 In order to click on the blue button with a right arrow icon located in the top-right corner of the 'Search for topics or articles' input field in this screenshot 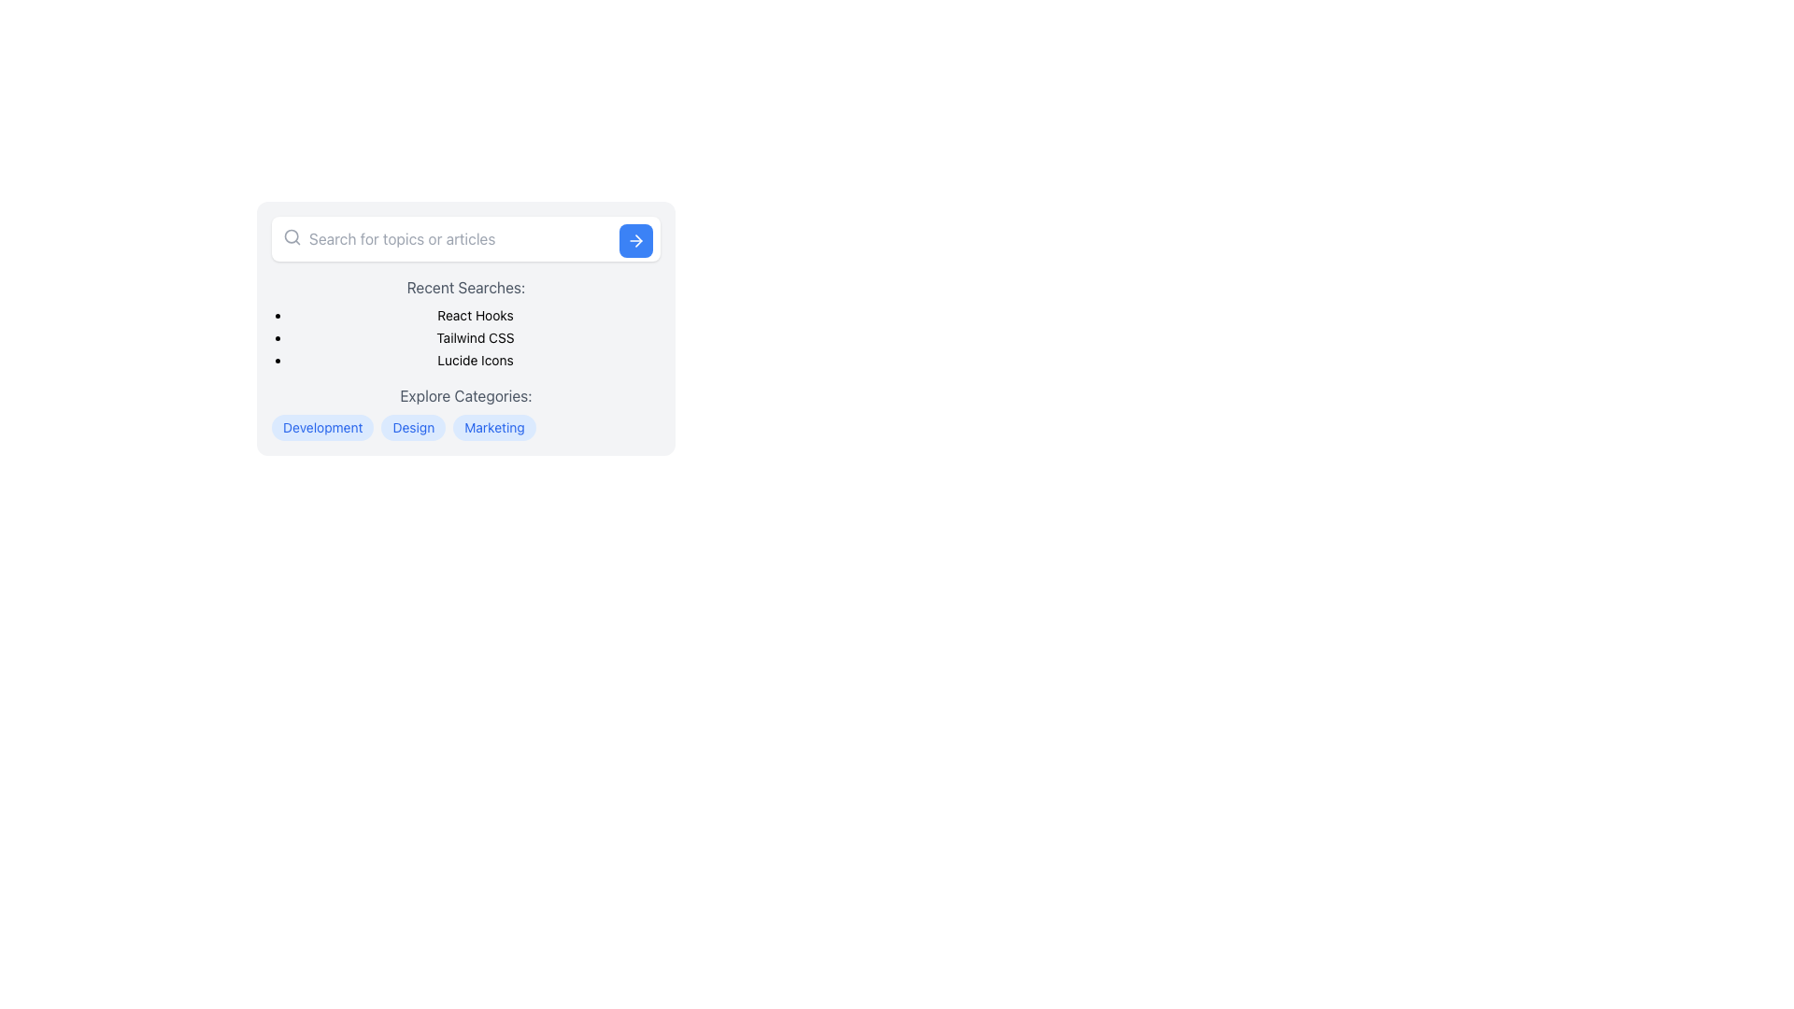, I will do `click(636, 240)`.